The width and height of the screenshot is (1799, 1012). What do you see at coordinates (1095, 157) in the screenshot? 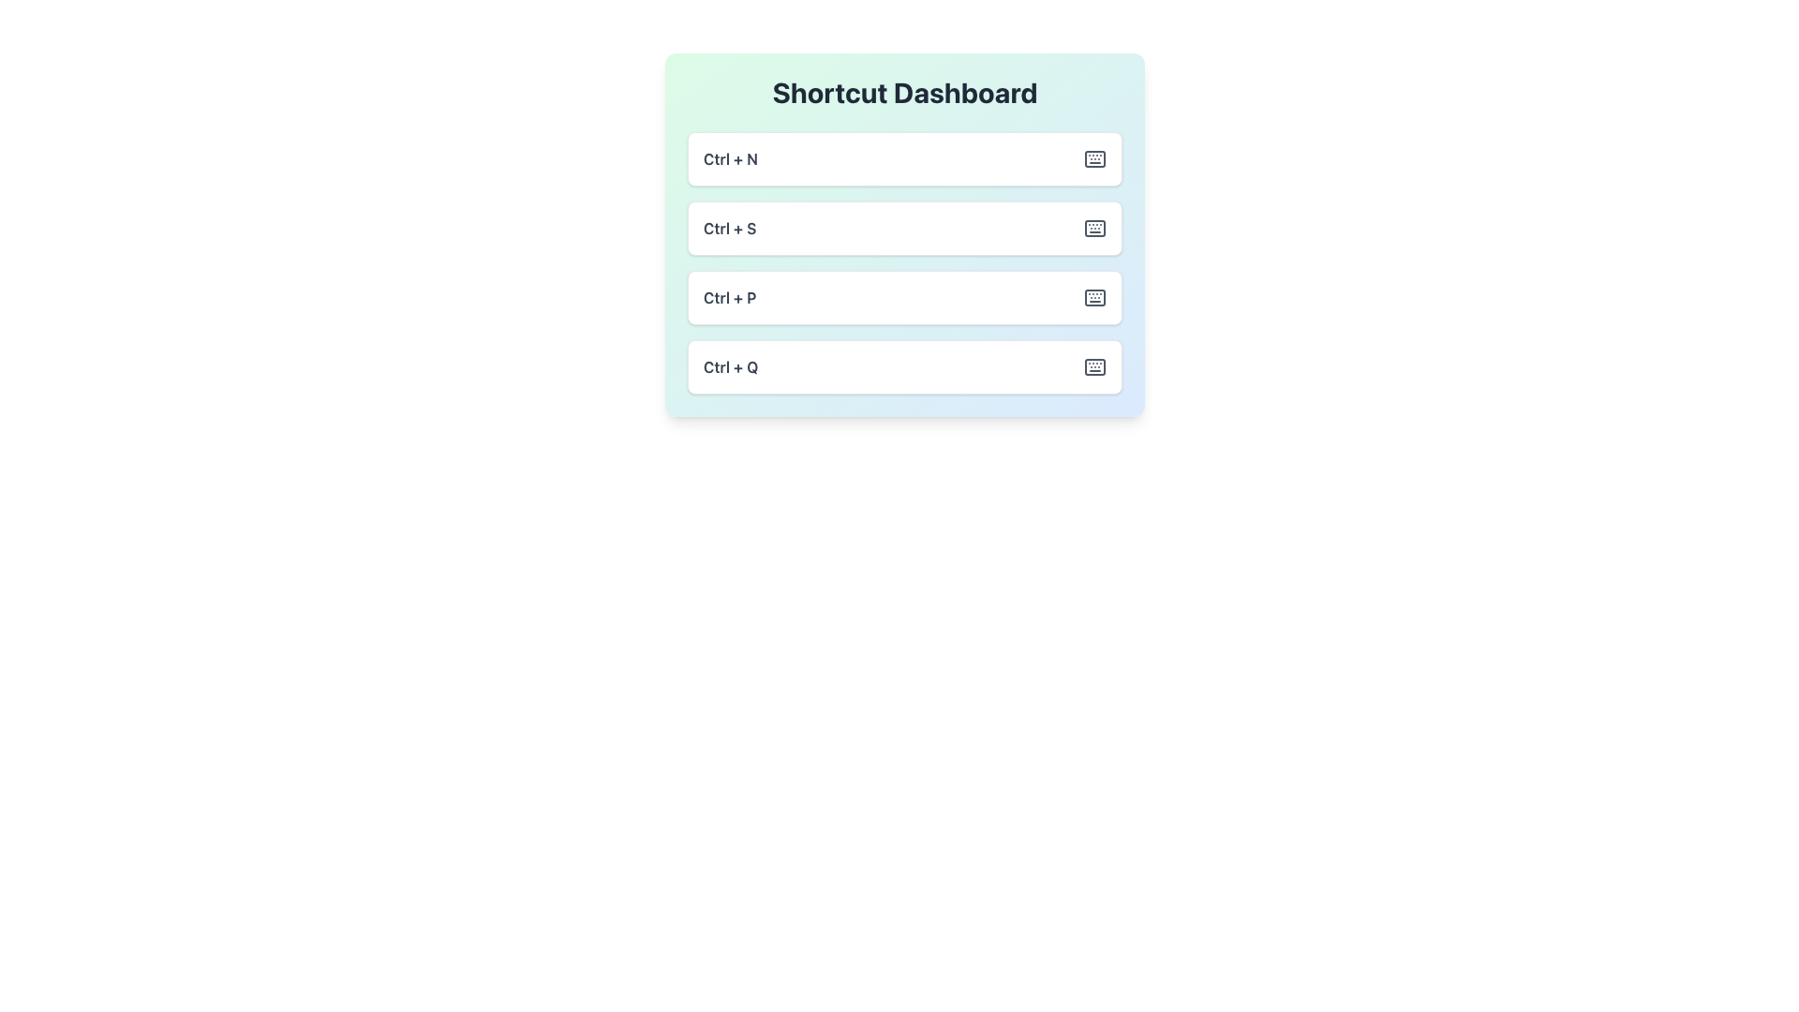
I see `the gray keyboard icon located to the far right of the 'Ctrl + N' shortcut item in the Shortcut Dashboard list` at bounding box center [1095, 157].